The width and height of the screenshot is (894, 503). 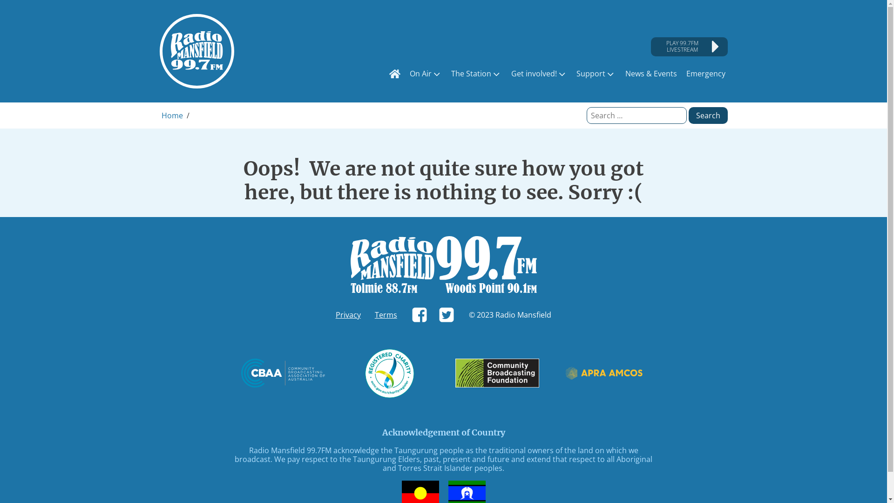 I want to click on 'PLAY 99.7FM LIVESTREAM', so click(x=689, y=47).